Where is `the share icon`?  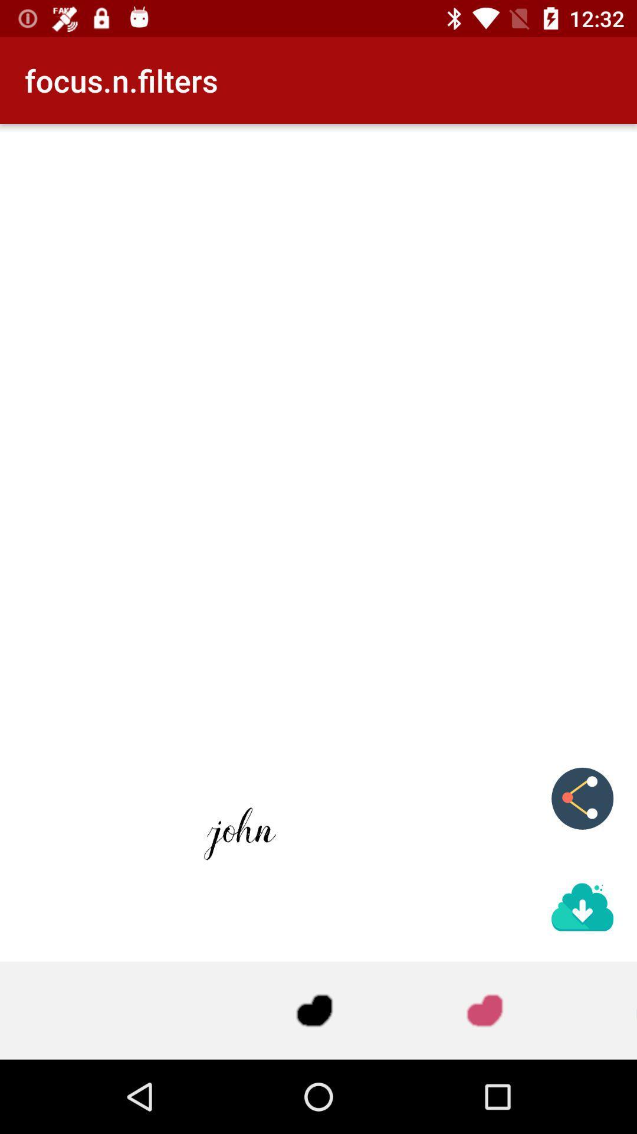
the share icon is located at coordinates (582, 799).